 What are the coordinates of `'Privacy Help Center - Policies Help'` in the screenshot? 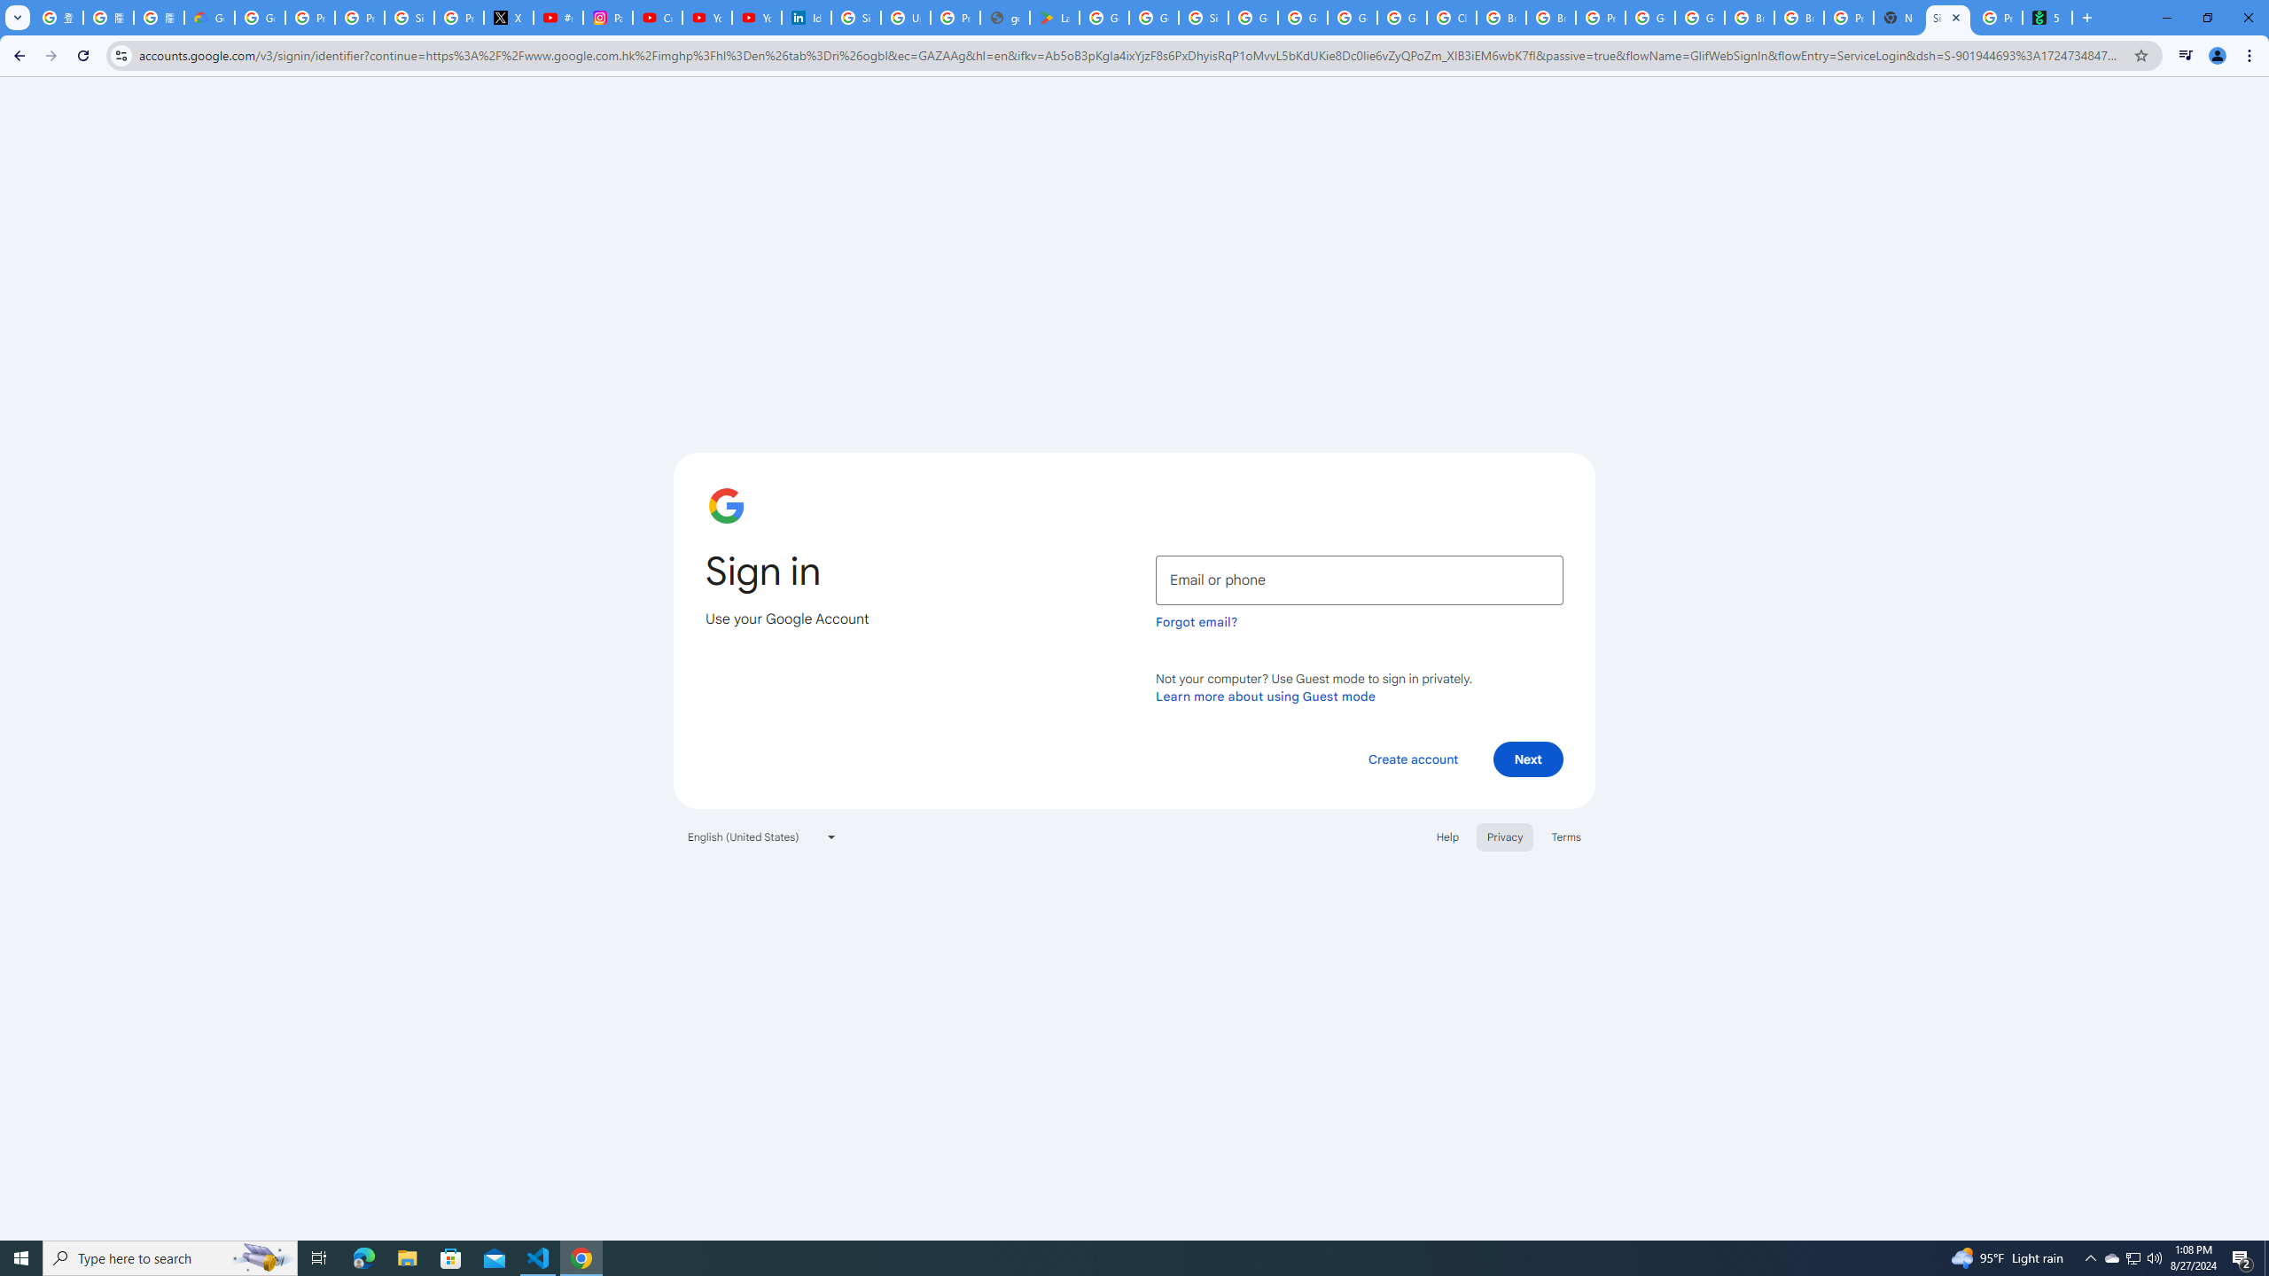 It's located at (358, 17).